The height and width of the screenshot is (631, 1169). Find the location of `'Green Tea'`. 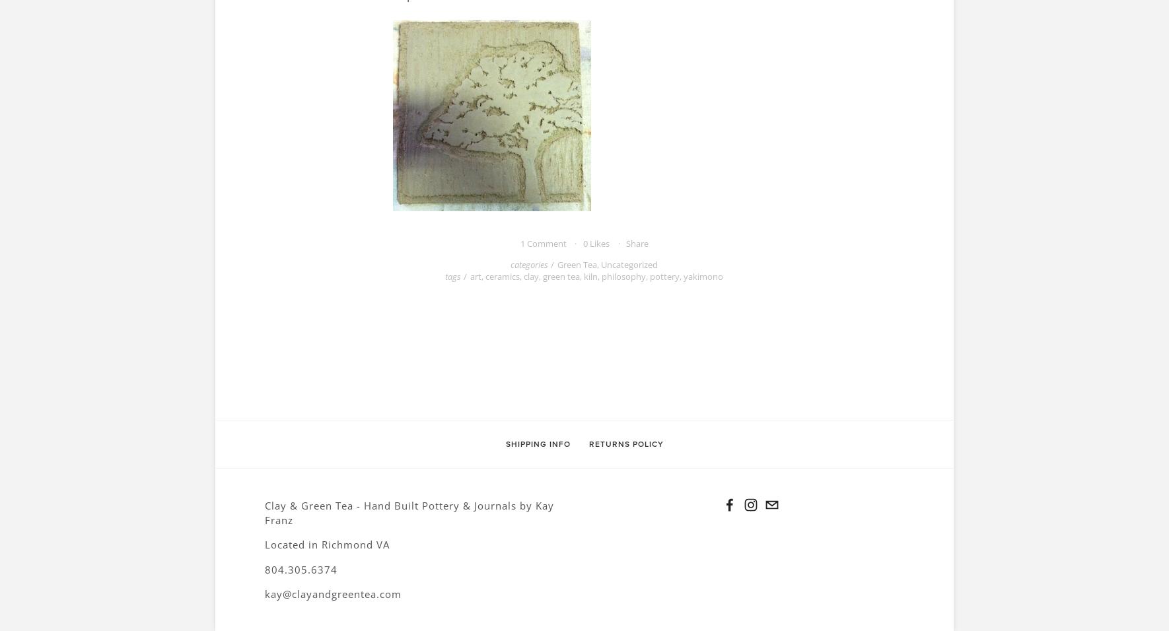

'Green Tea' is located at coordinates (557, 263).